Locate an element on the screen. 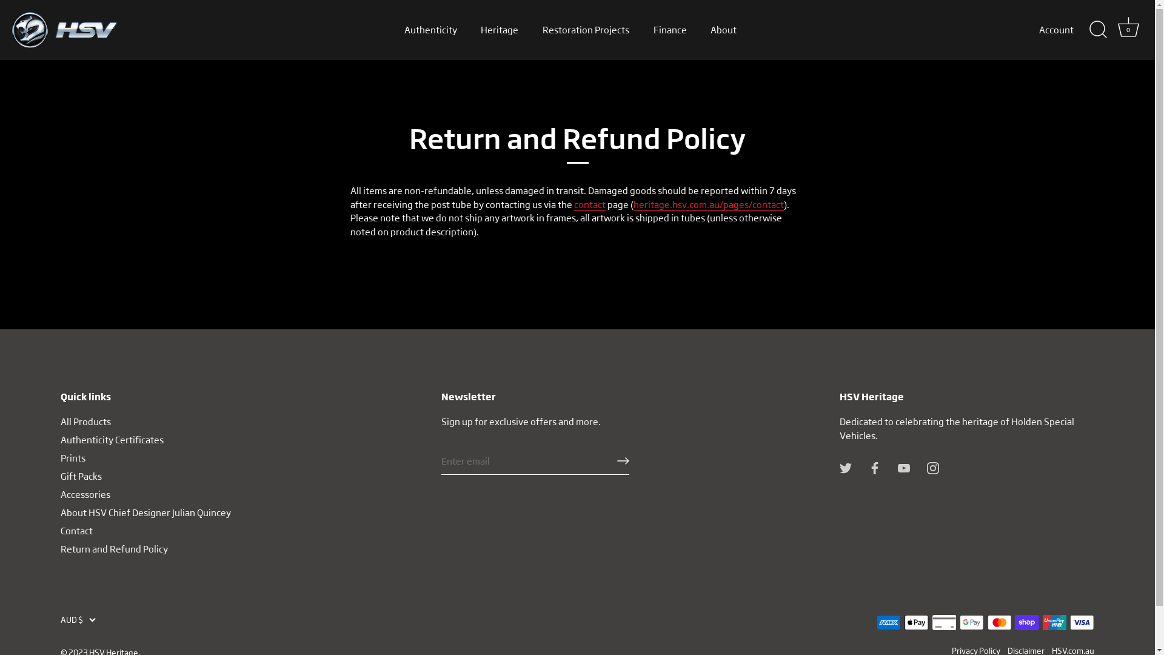  'RIGHT ARROW LONG' is located at coordinates (623, 460).